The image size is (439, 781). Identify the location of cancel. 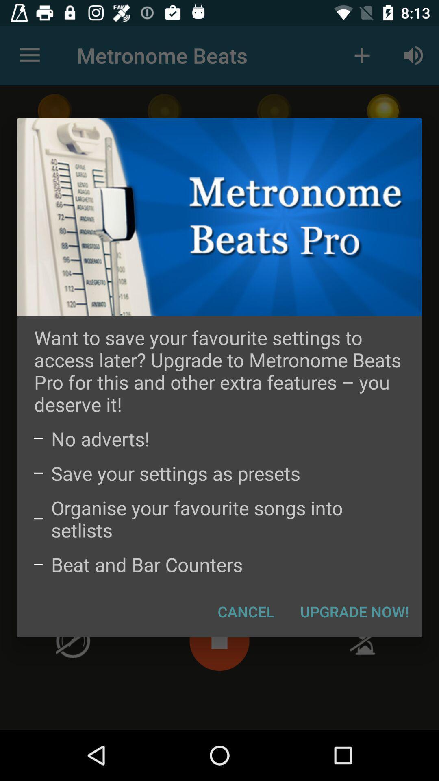
(246, 611).